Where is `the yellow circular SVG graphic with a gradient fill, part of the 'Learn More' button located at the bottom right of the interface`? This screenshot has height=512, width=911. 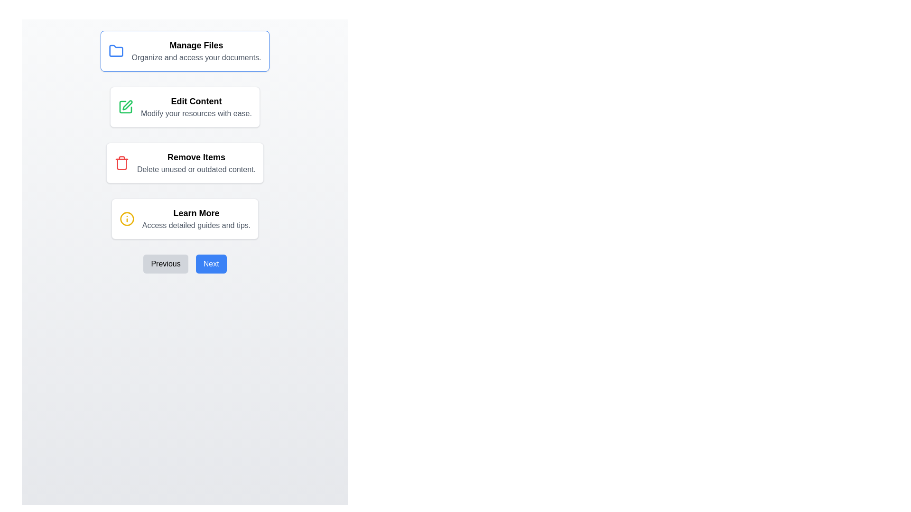
the yellow circular SVG graphic with a gradient fill, part of the 'Learn More' button located at the bottom right of the interface is located at coordinates (126, 219).